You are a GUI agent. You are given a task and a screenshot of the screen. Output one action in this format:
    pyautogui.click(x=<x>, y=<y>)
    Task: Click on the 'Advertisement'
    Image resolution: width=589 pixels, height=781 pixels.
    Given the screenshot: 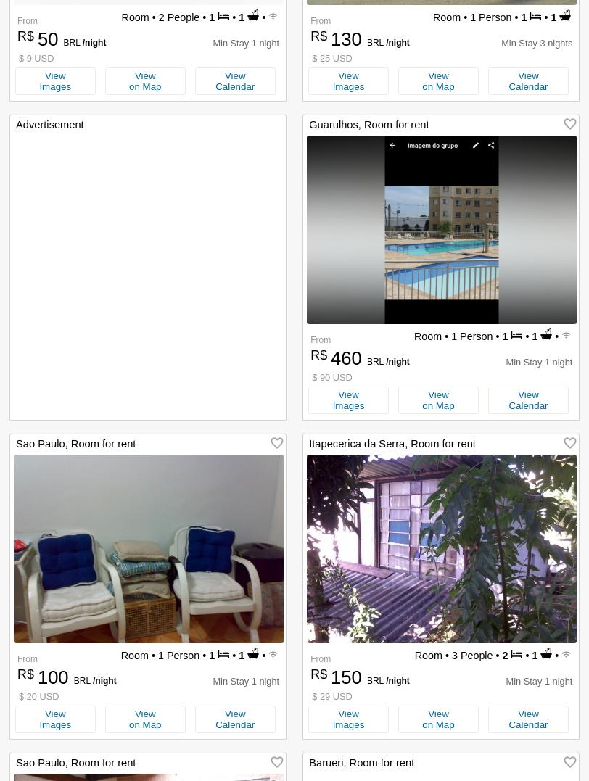 What is the action you would take?
    pyautogui.click(x=16, y=123)
    